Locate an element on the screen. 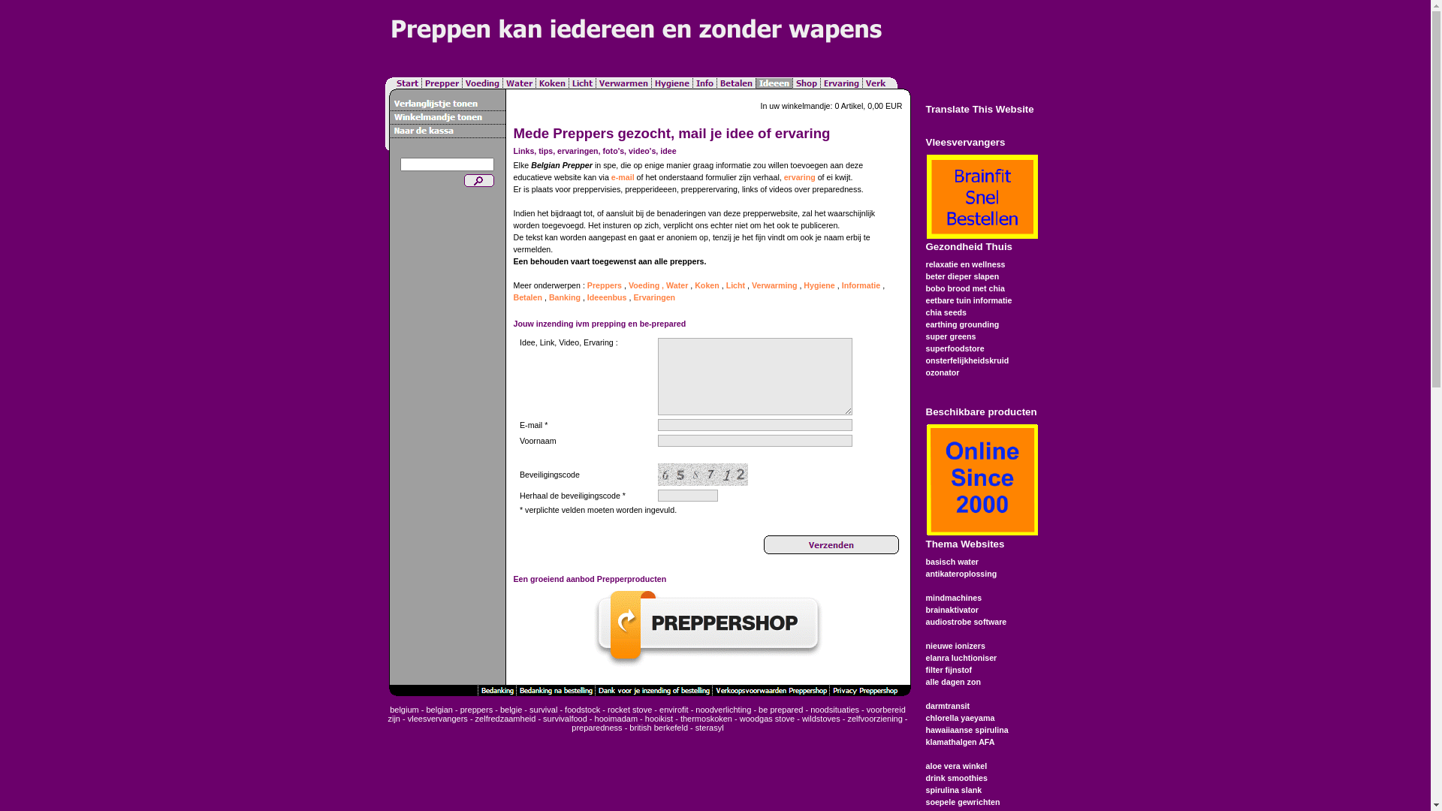  'superfoodstore' is located at coordinates (954, 348).